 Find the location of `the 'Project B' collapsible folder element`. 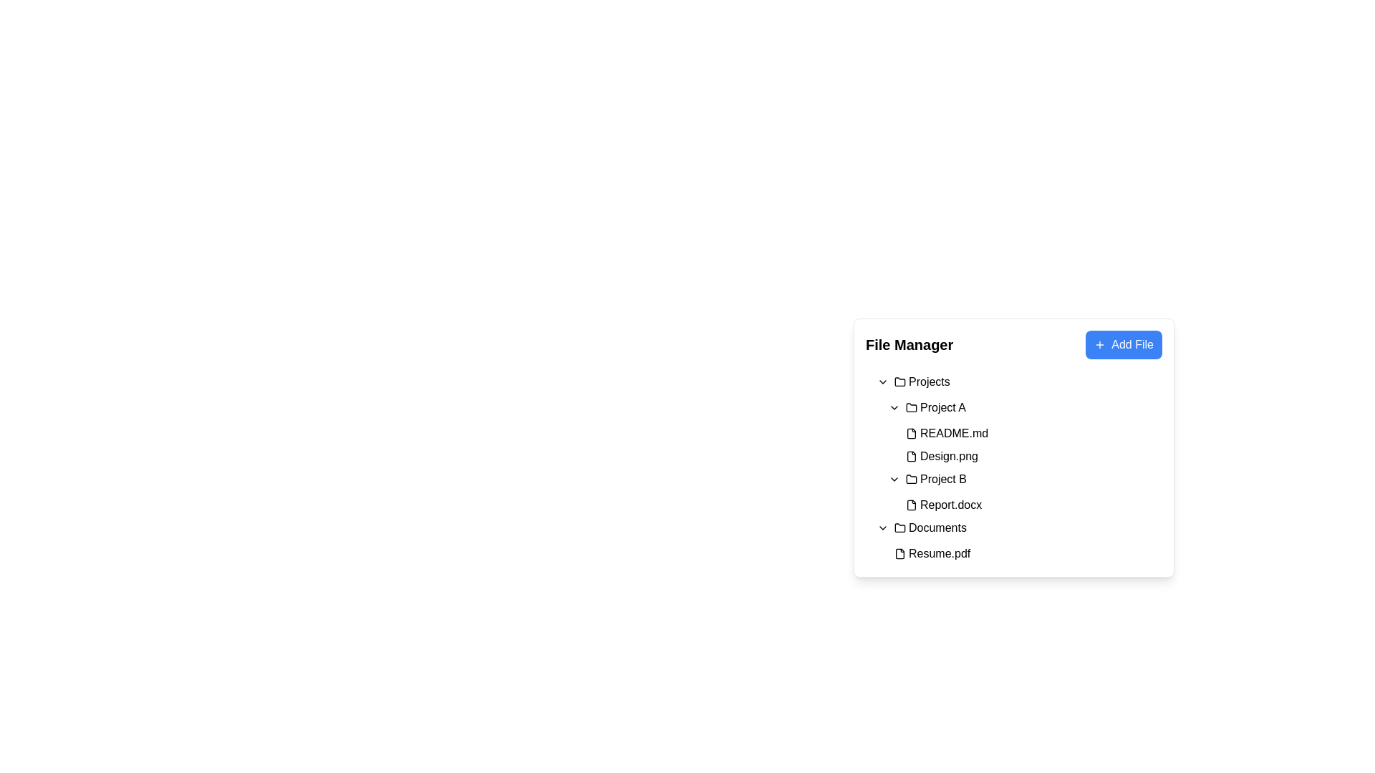

the 'Project B' collapsible folder element is located at coordinates (1024, 480).